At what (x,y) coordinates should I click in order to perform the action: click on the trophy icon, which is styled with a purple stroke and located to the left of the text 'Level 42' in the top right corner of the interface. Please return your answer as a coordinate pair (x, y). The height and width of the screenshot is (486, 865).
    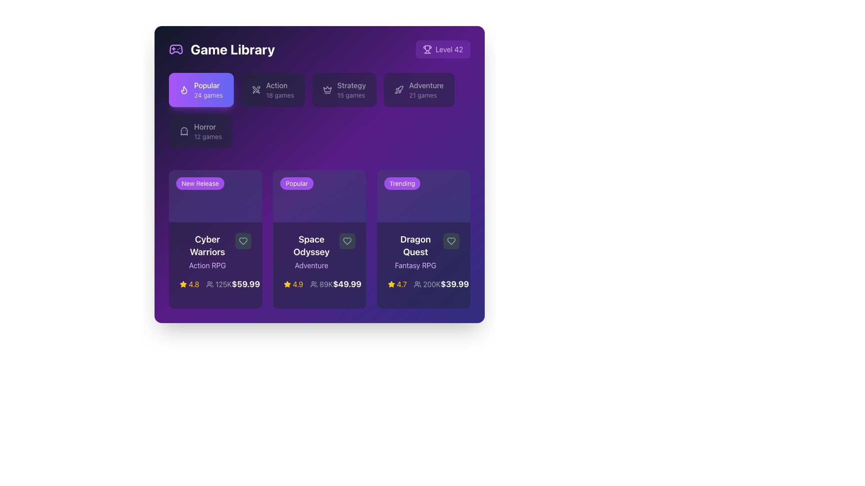
    Looking at the image, I should click on (427, 49).